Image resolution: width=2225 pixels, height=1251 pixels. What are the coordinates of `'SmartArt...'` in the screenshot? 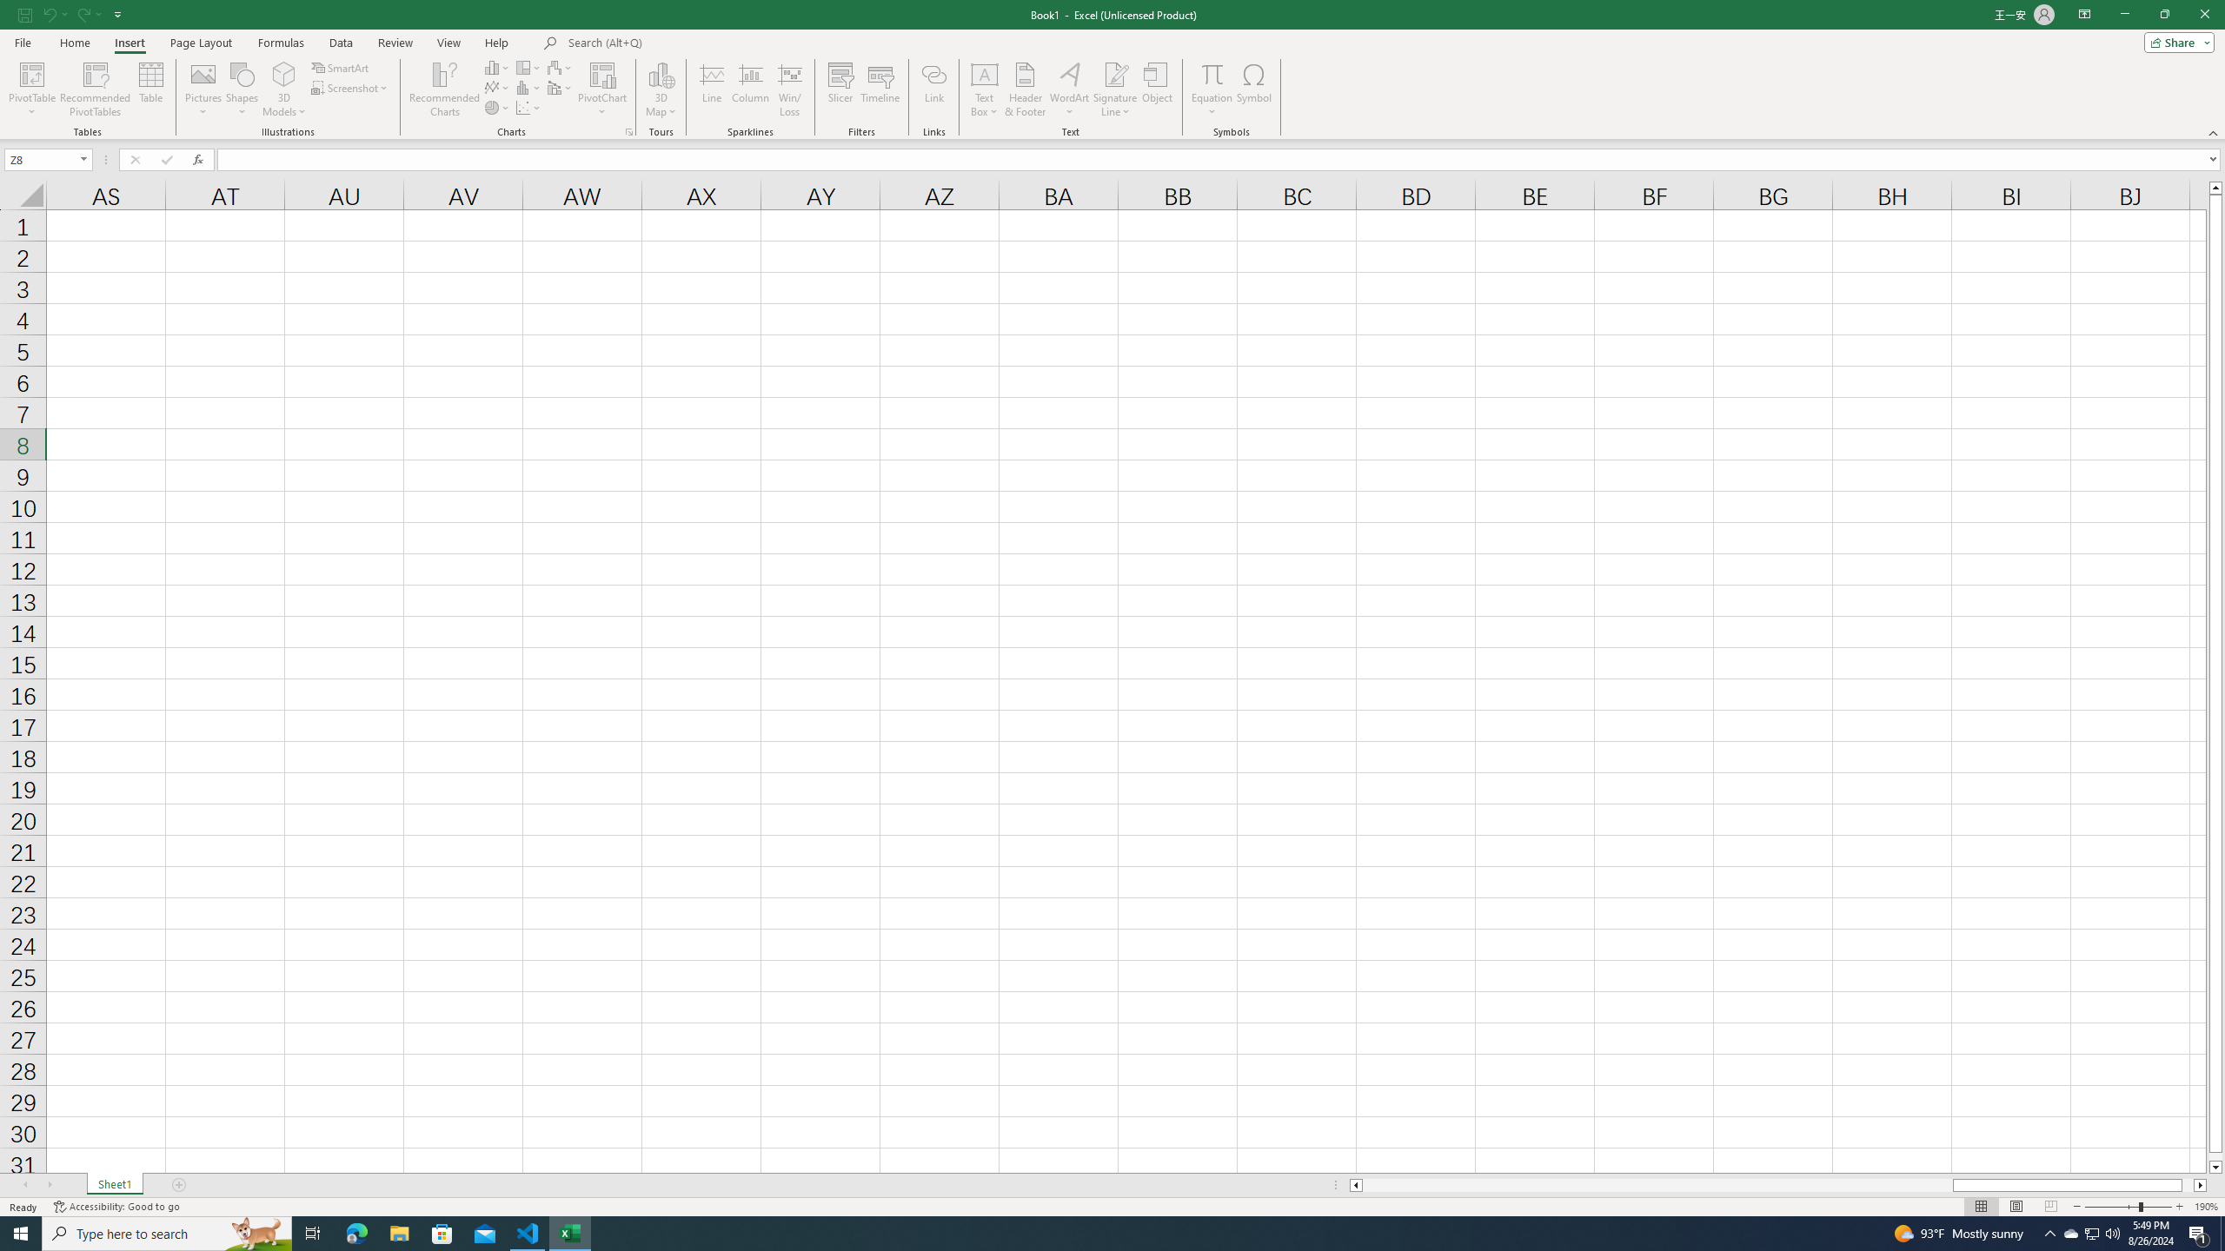 It's located at (340, 67).